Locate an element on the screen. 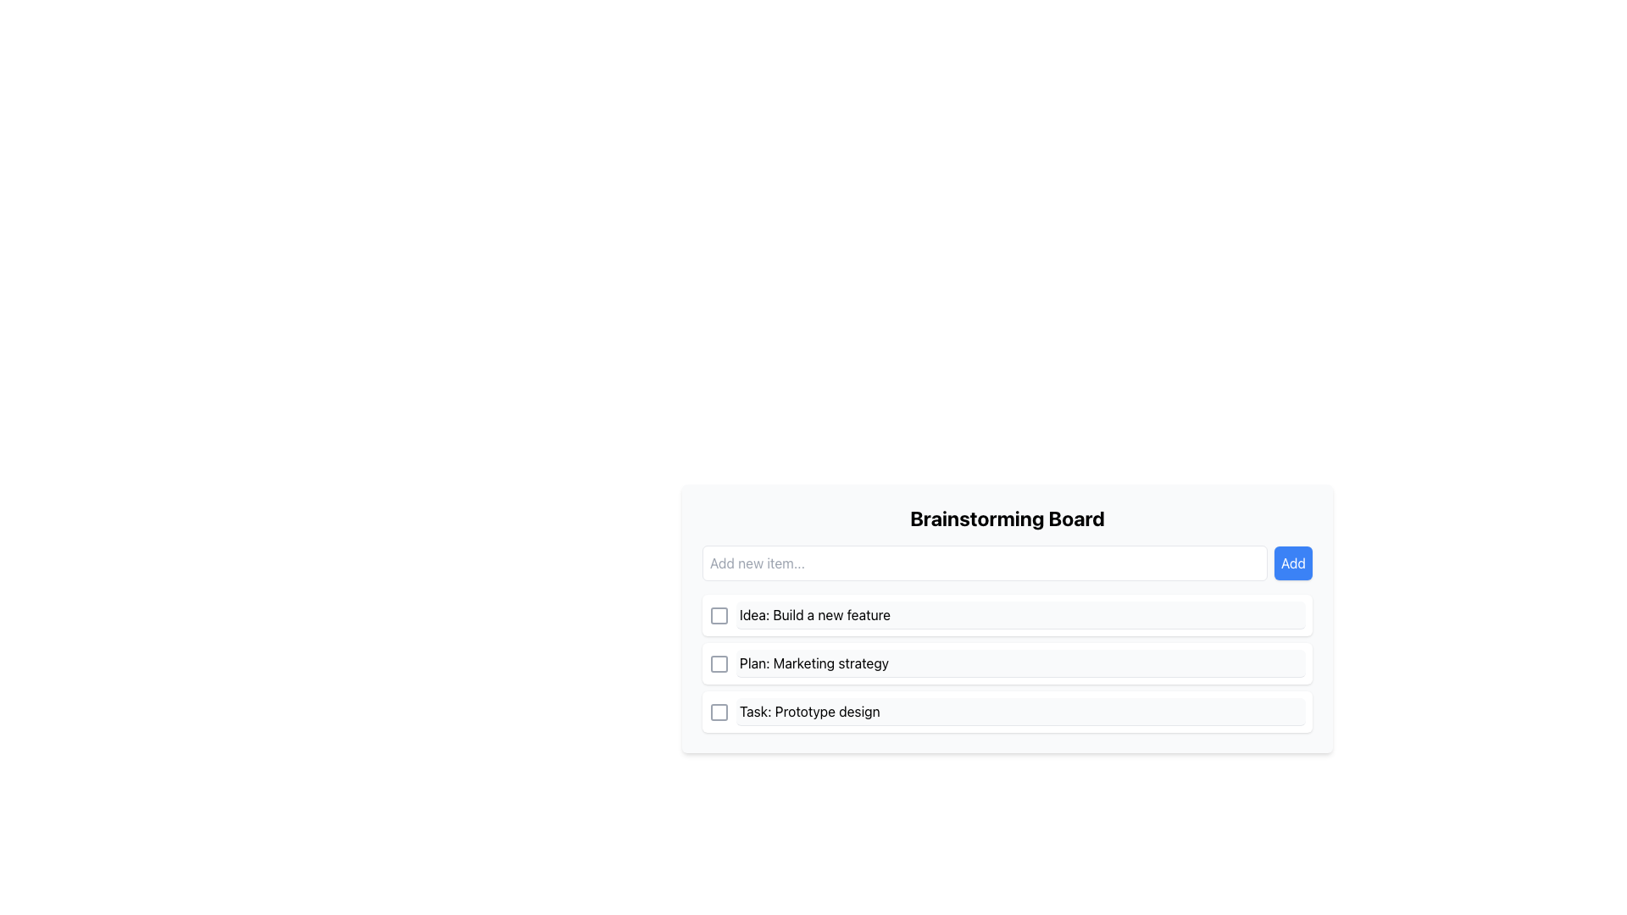  the unfilled checkbox that is positioned to the left of the text 'Idea: Build a new feature' is located at coordinates (719, 615).